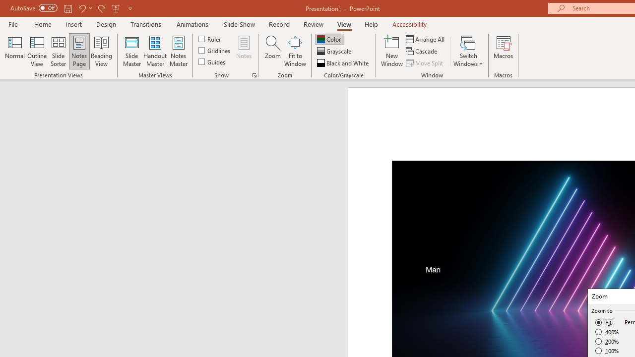 The height and width of the screenshot is (357, 635). What do you see at coordinates (79, 51) in the screenshot?
I see `'Notes Page'` at bounding box center [79, 51].